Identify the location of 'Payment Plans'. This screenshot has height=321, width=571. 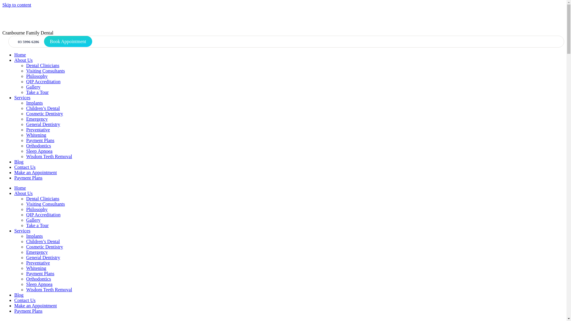
(28, 311).